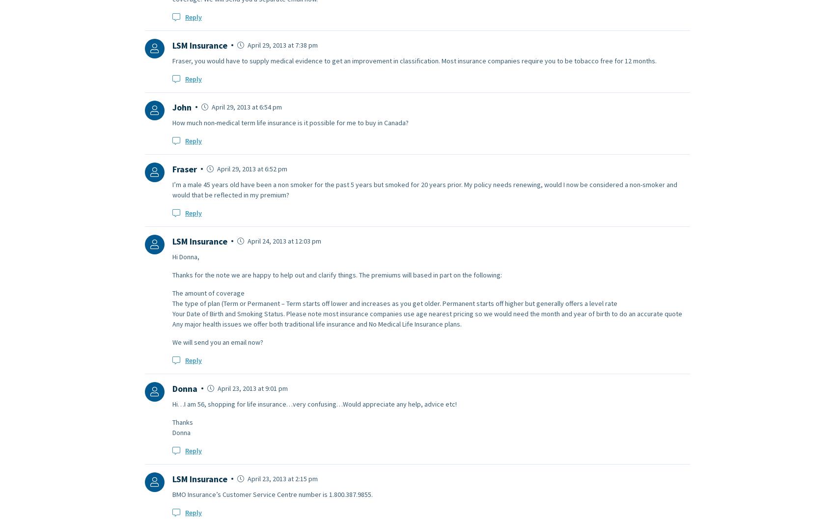 This screenshot has width=835, height=521. What do you see at coordinates (251, 168) in the screenshot?
I see `'April 29, 2013 at 6:52 pm'` at bounding box center [251, 168].